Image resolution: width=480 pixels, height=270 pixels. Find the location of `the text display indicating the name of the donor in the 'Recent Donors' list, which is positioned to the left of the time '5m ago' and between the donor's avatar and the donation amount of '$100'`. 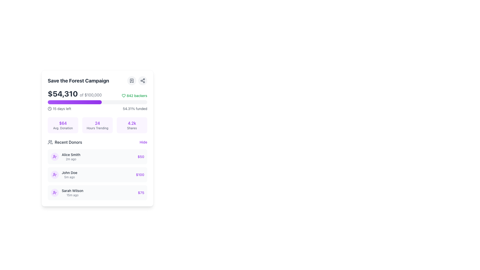

the text display indicating the name of the donor in the 'Recent Donors' list, which is positioned to the left of the time '5m ago' and between the donor's avatar and the donation amount of '$100' is located at coordinates (69, 172).